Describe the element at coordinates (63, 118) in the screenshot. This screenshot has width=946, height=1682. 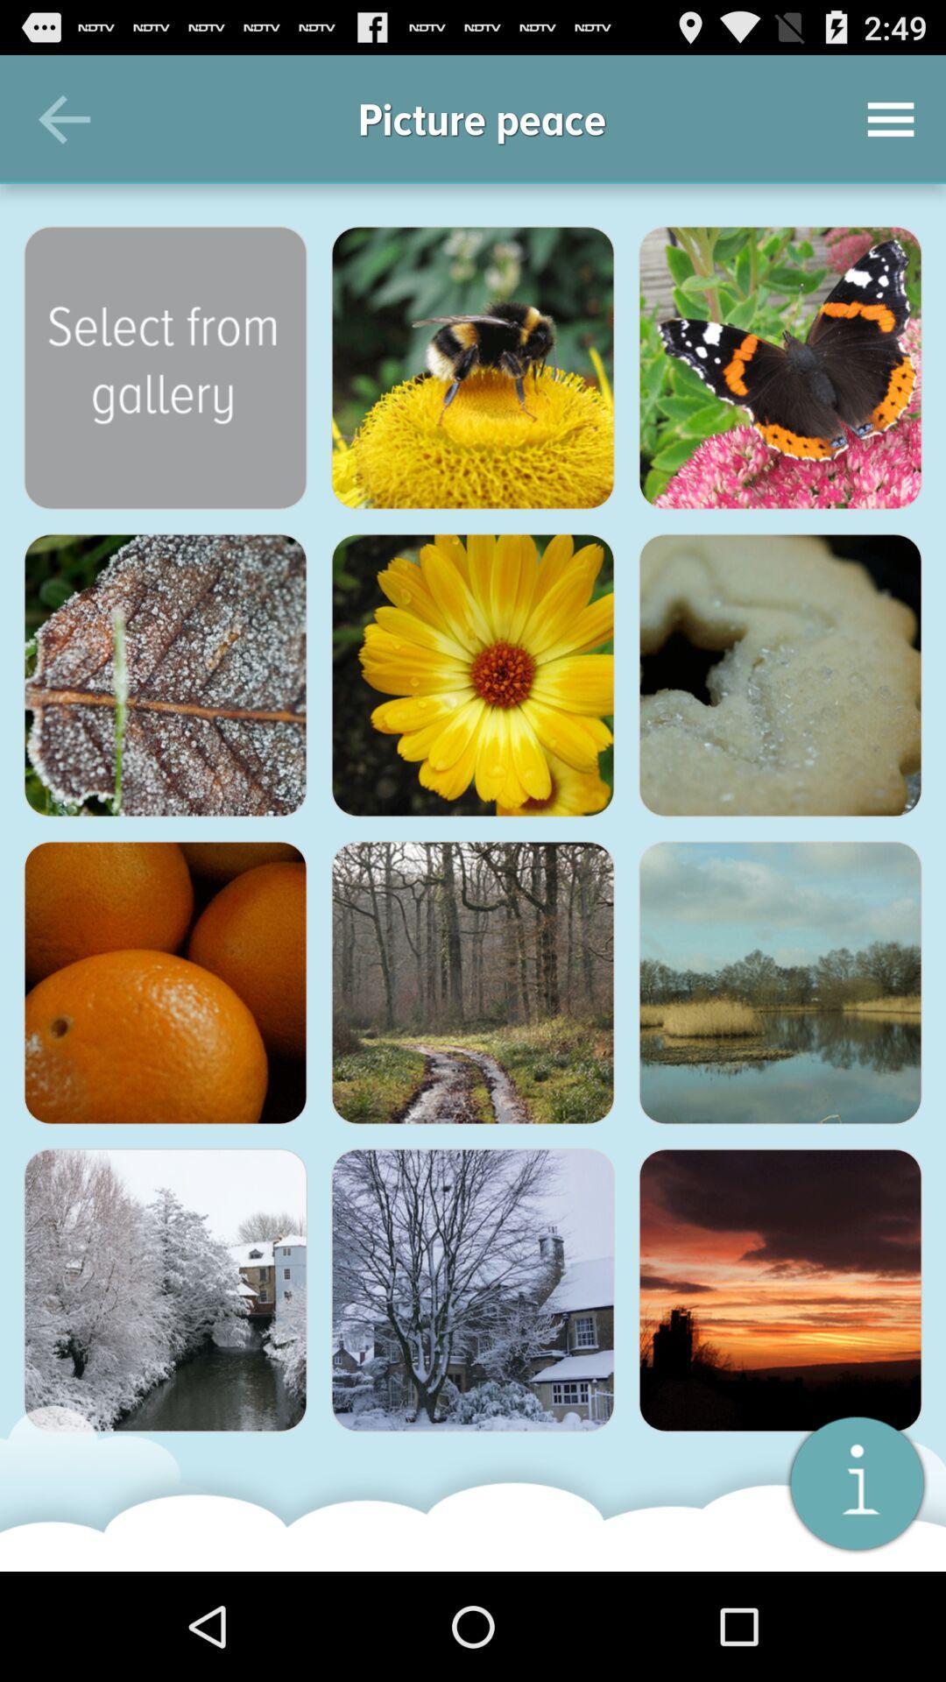
I see `icon to the left of the picture peace` at that location.